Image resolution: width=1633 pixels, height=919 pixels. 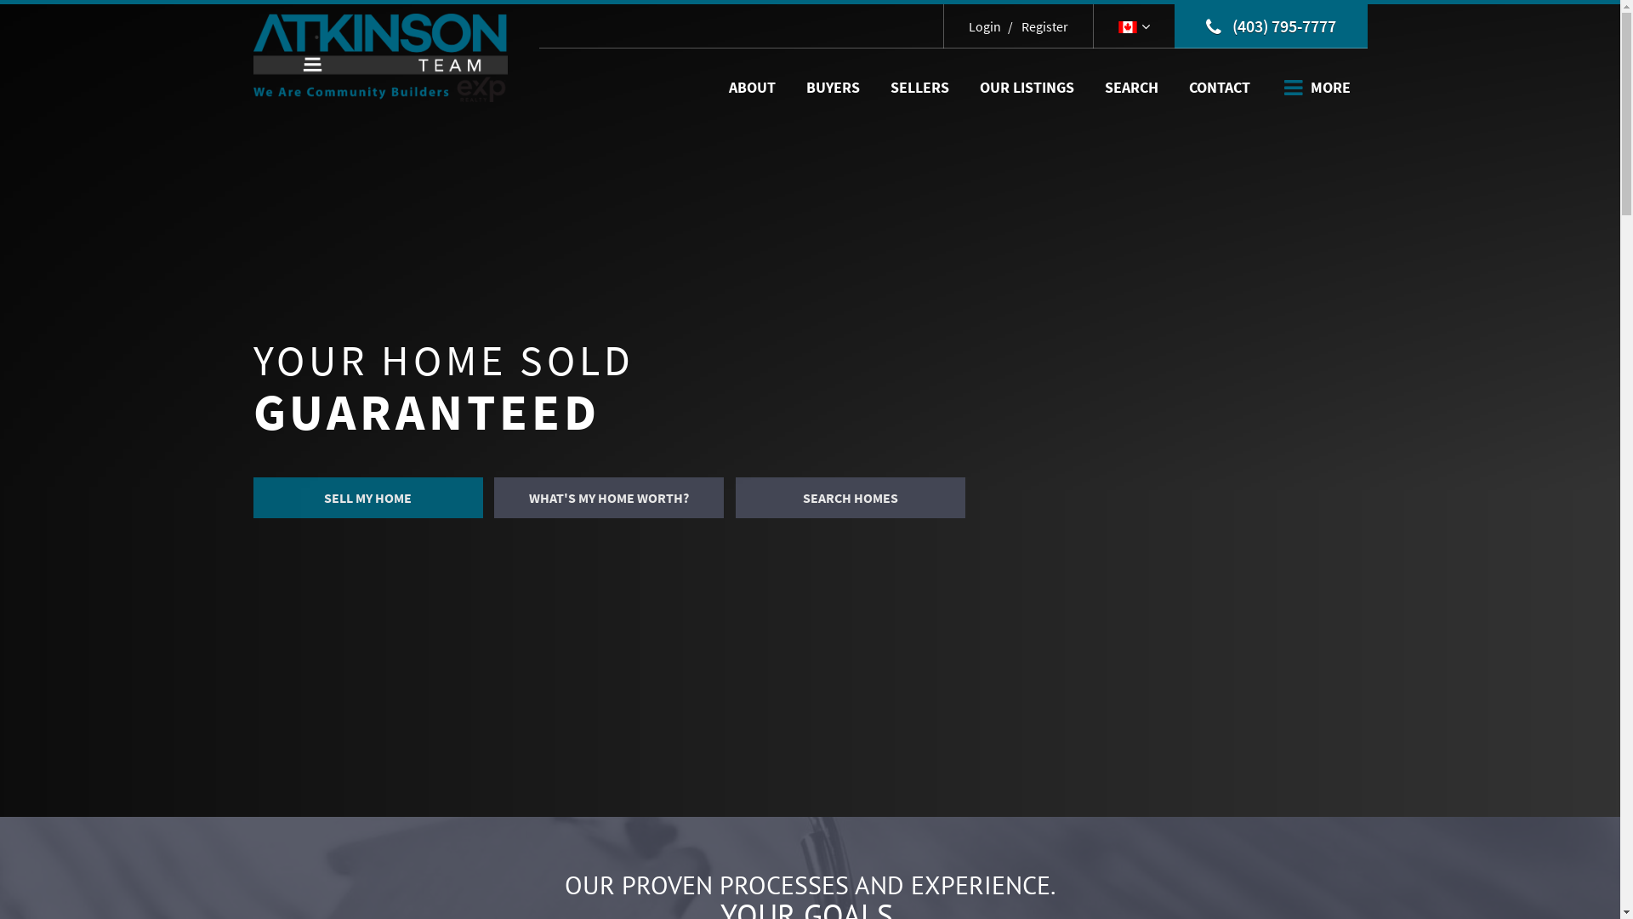 What do you see at coordinates (968, 26) in the screenshot?
I see `'Login'` at bounding box center [968, 26].